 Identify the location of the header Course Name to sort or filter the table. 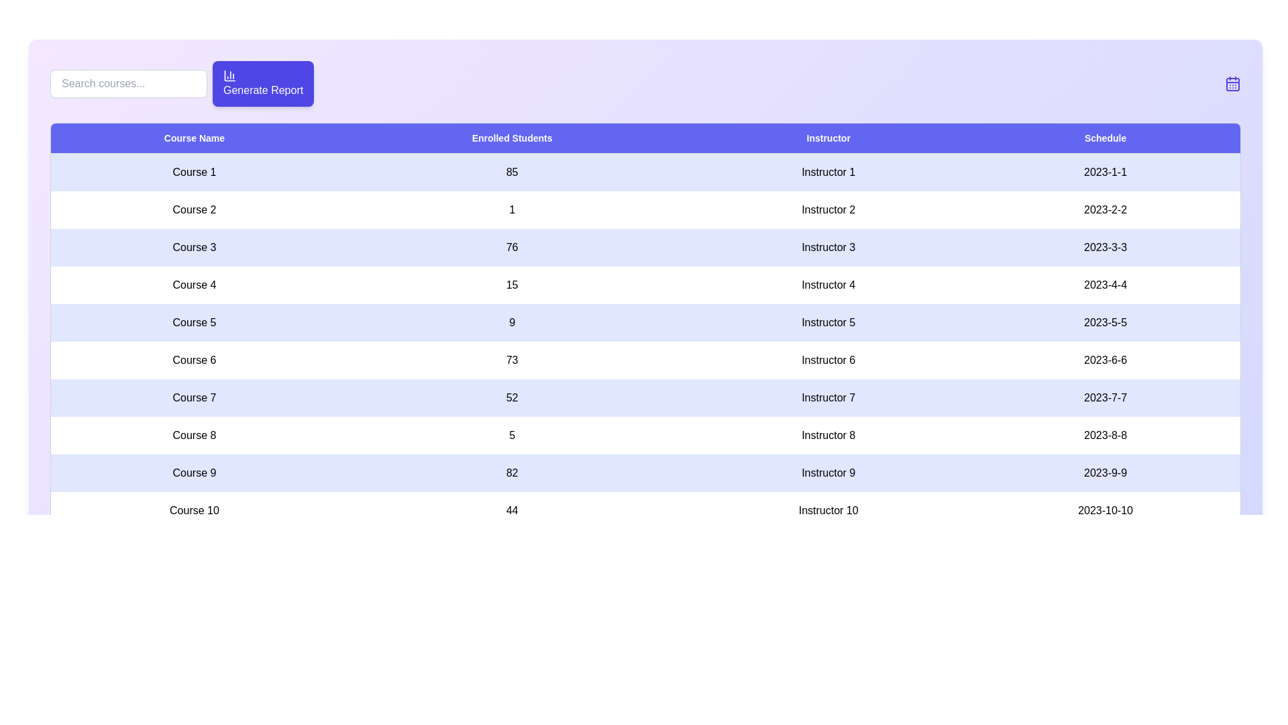
(193, 138).